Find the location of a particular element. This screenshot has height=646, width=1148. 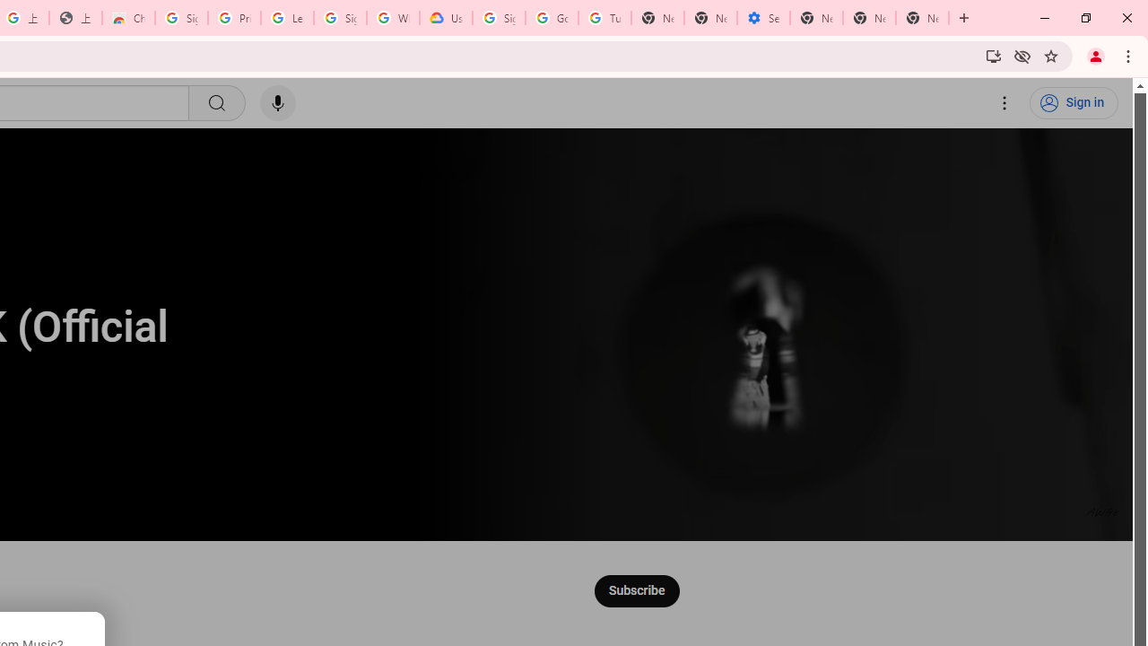

'Settings - Addresses and more' is located at coordinates (763, 18).